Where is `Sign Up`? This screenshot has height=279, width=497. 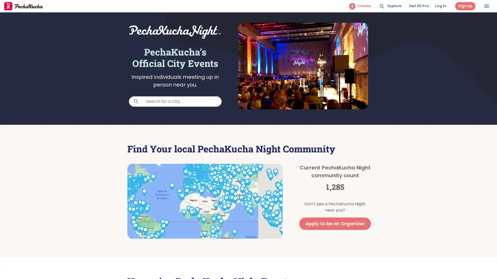 Sign Up is located at coordinates (465, 6).